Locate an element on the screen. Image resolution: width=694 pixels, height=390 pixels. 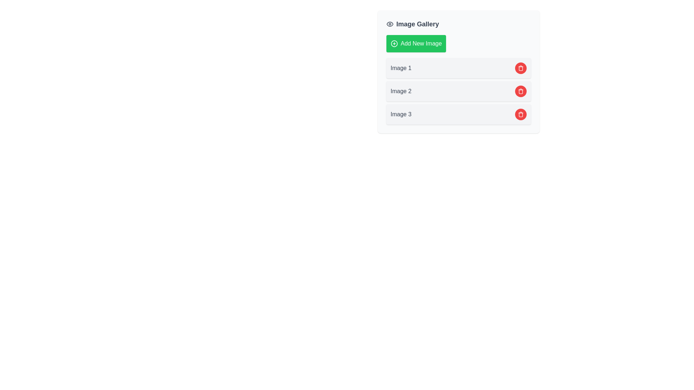
the circular red button with a white trash can icon, located to the right of the text 'Image 3' is located at coordinates (520, 114).